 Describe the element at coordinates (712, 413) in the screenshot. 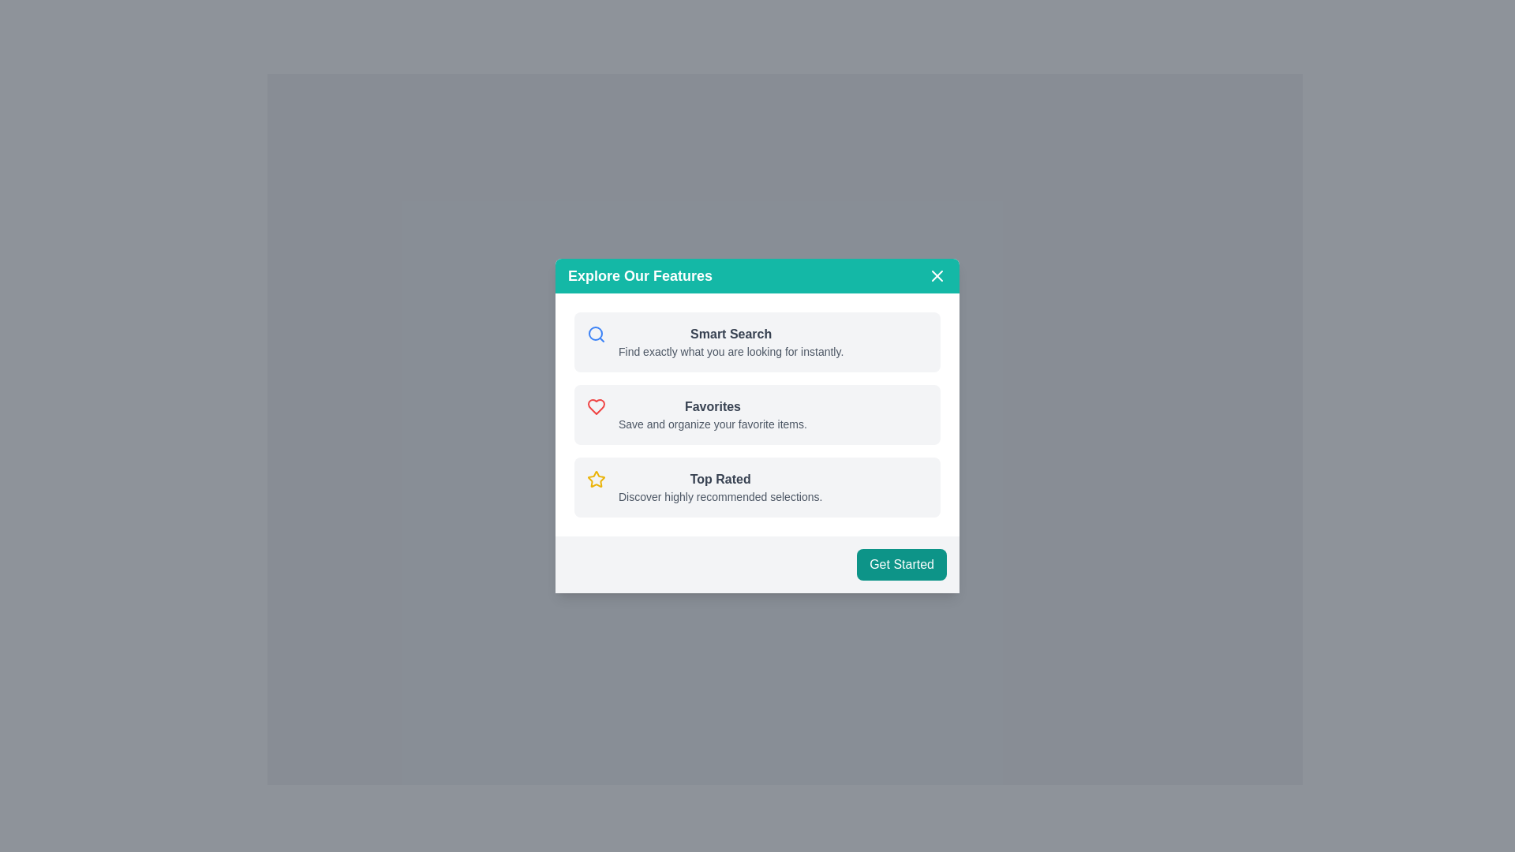

I see `the 'Favorites' feature information block located in the center region of the modal, below 'Smart Search' and above 'Top Rated', which is the second selectable item among three options` at that location.